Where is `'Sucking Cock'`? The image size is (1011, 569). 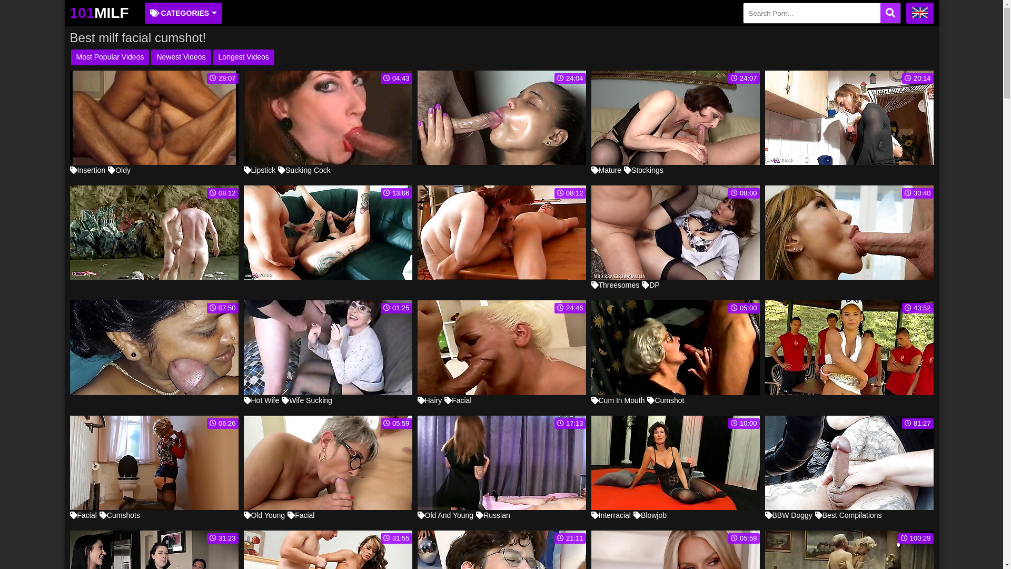 'Sucking Cock' is located at coordinates (303, 170).